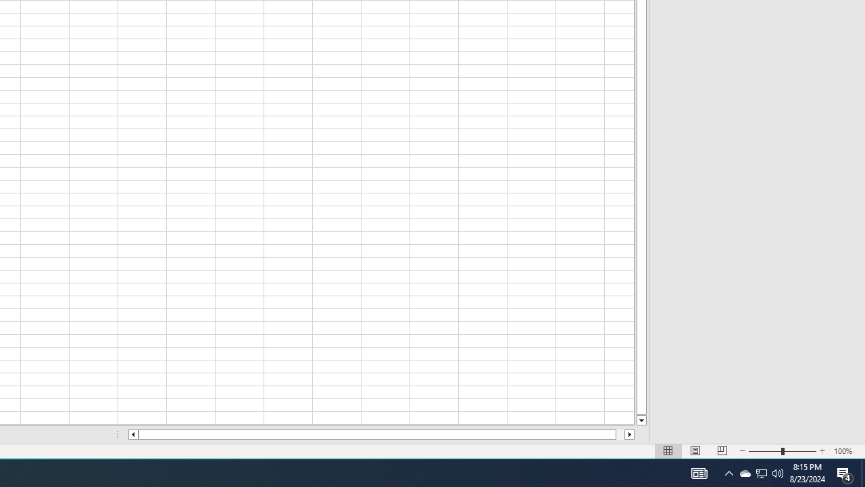 This screenshot has height=487, width=865. What do you see at coordinates (699, 472) in the screenshot?
I see `'AutomationID: 4105'` at bounding box center [699, 472].